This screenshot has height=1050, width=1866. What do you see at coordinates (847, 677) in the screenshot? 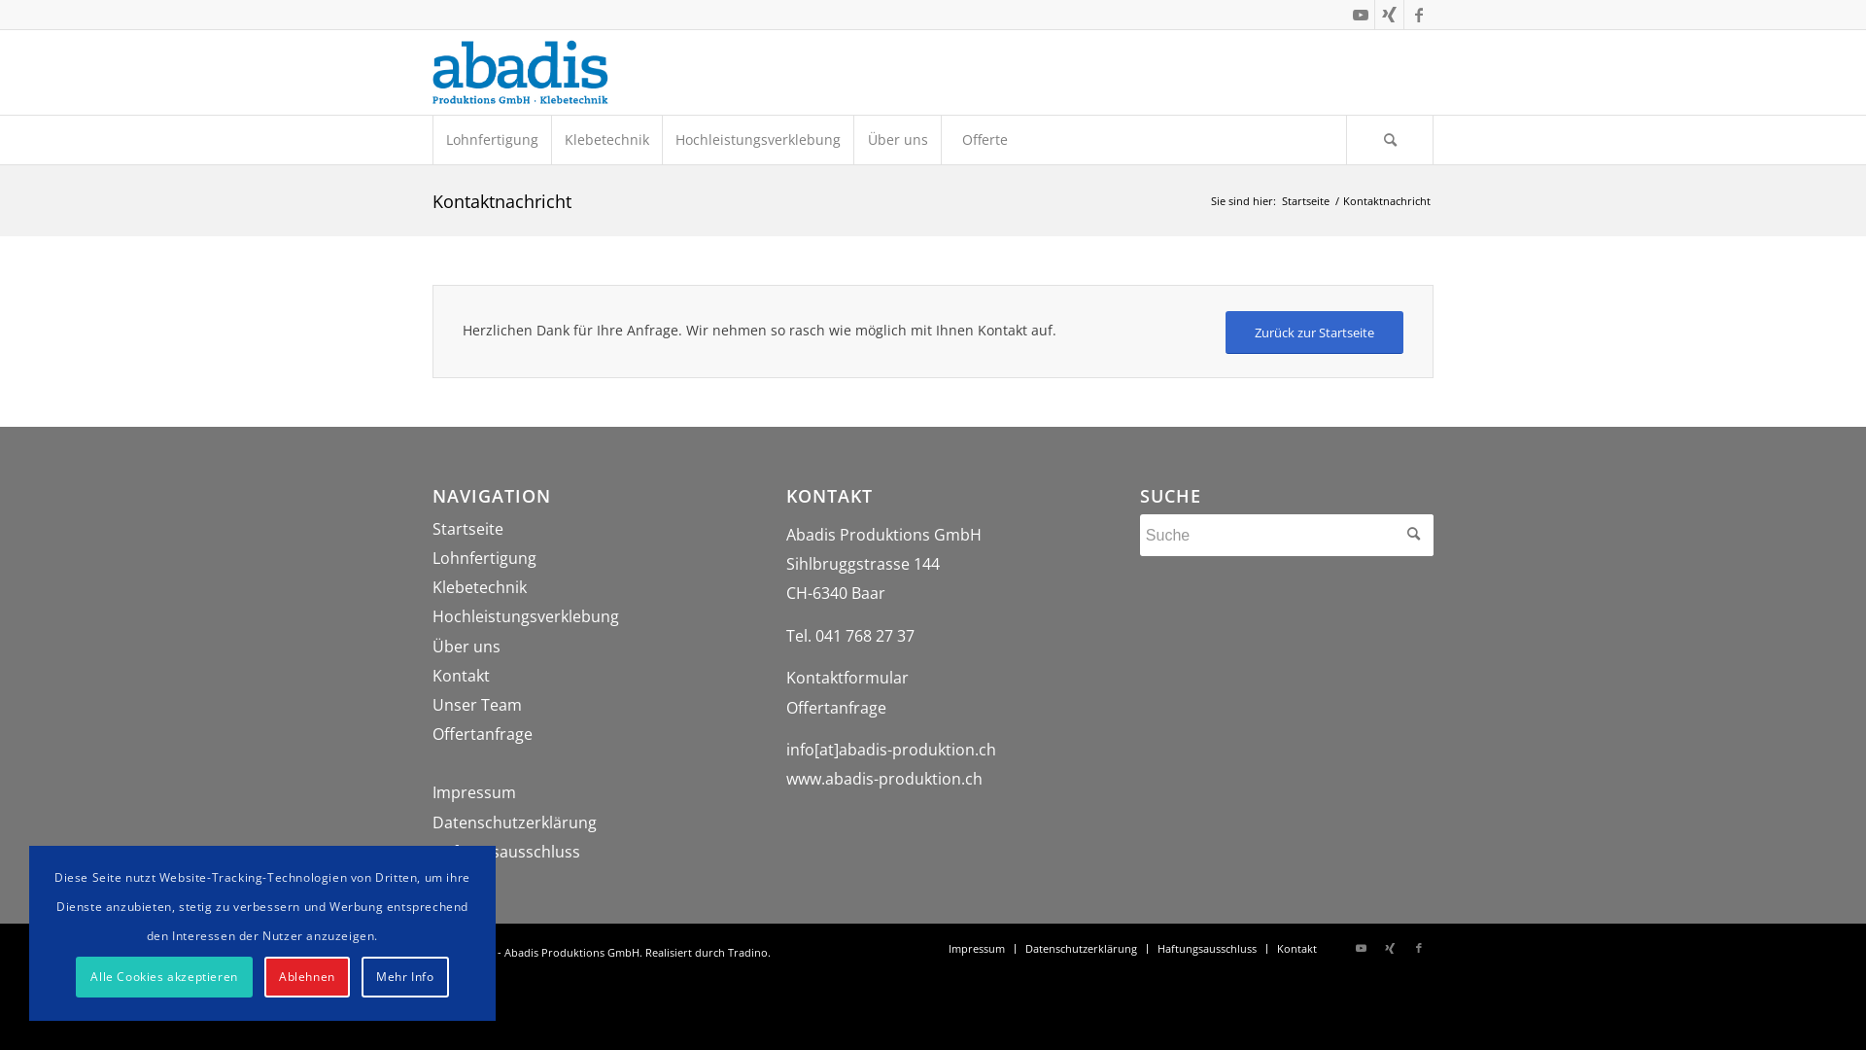
I see `'Kontaktformular'` at bounding box center [847, 677].